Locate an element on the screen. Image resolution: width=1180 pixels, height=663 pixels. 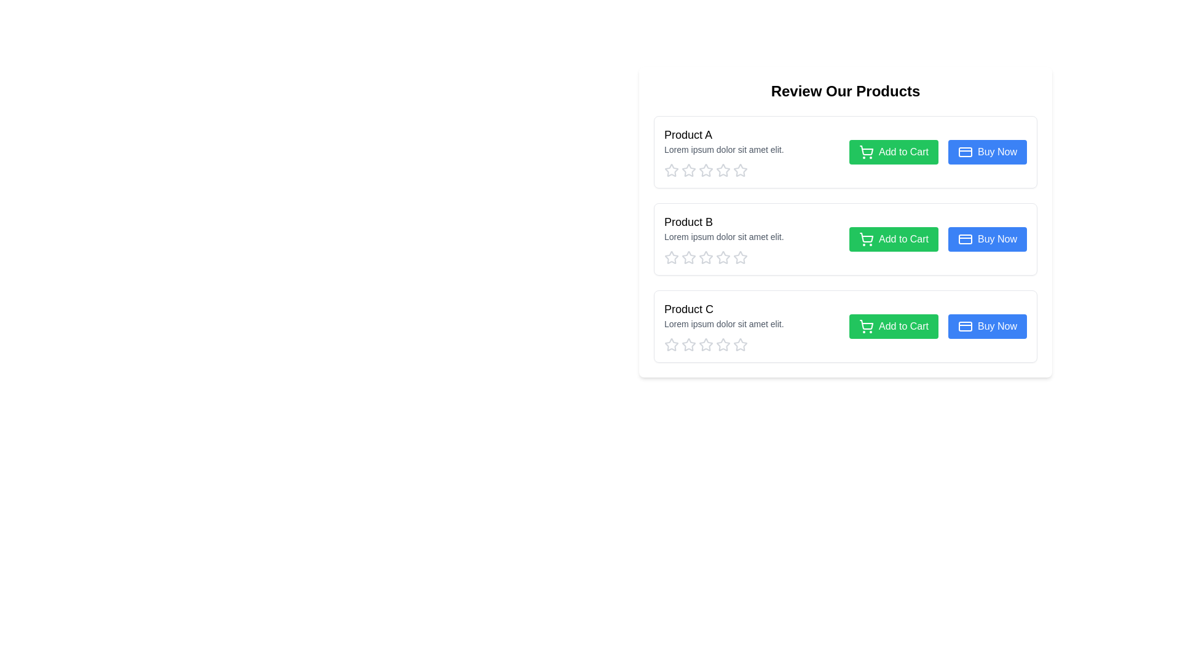
the third rating star in the second row of the product rating interface for 'Product B' is located at coordinates (706, 257).